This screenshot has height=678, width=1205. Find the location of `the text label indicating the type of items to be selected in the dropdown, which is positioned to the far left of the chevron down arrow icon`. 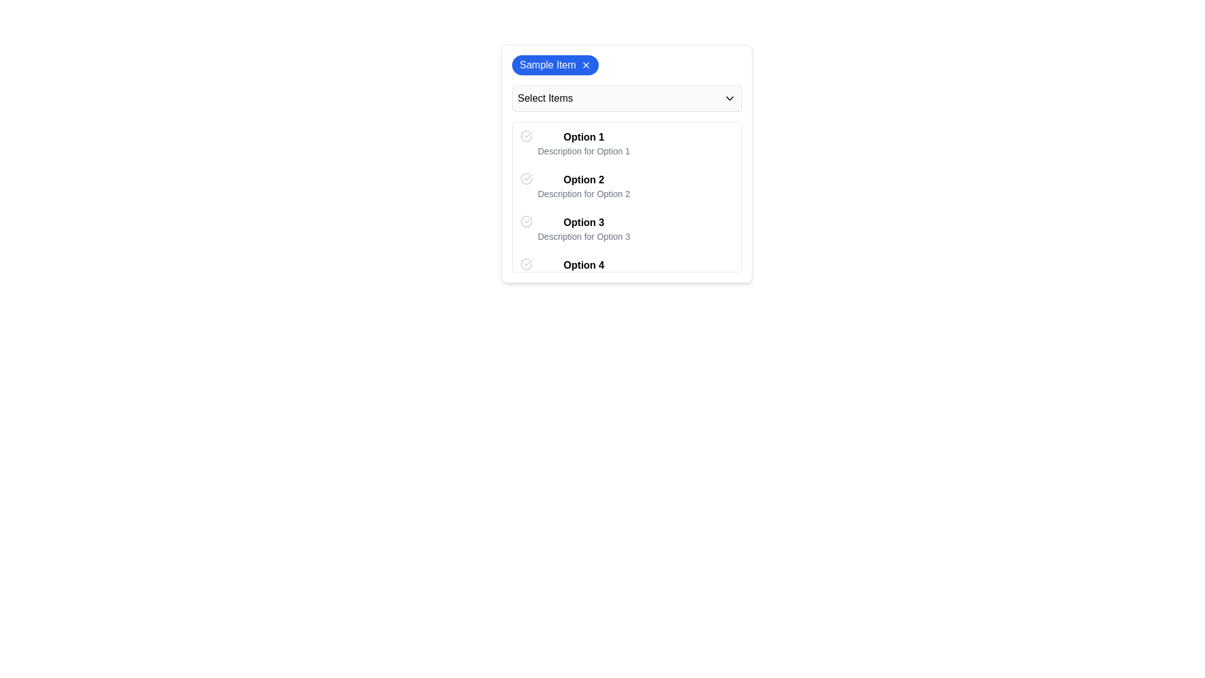

the text label indicating the type of items to be selected in the dropdown, which is positioned to the far left of the chevron down arrow icon is located at coordinates (545, 98).